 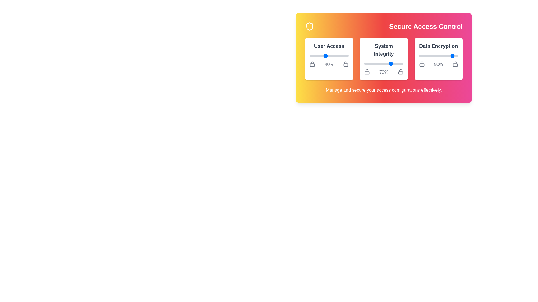 I want to click on the Unlock icon to observe its interaction, so click(x=345, y=63).